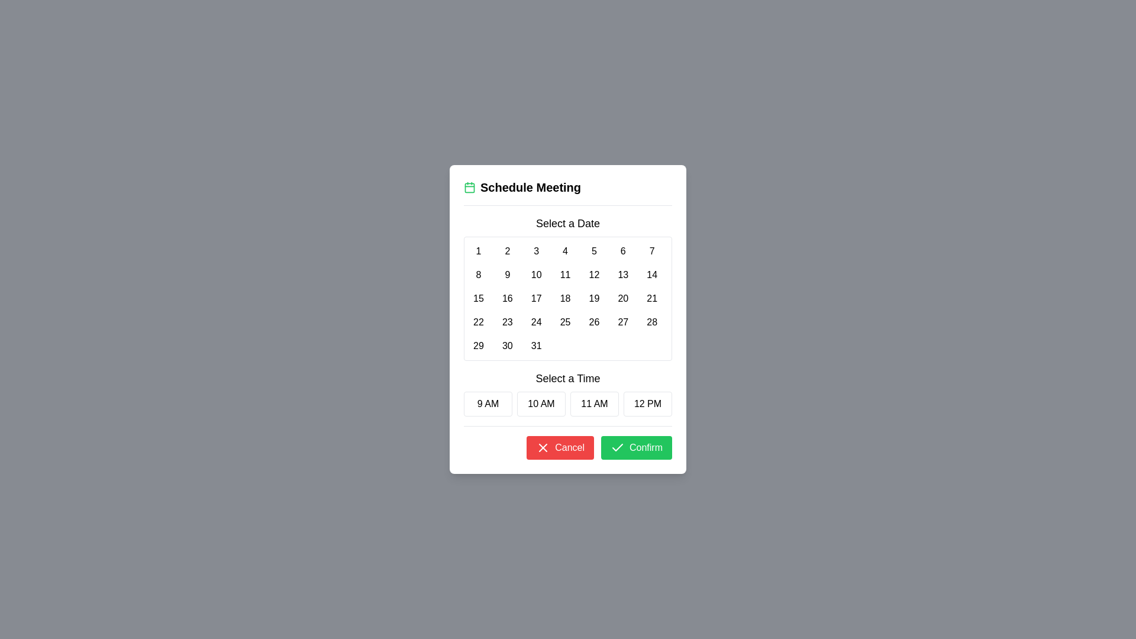 This screenshot has width=1136, height=639. What do you see at coordinates (535, 322) in the screenshot?
I see `the square-shaped button displaying the number '24' in the calendar interface` at bounding box center [535, 322].